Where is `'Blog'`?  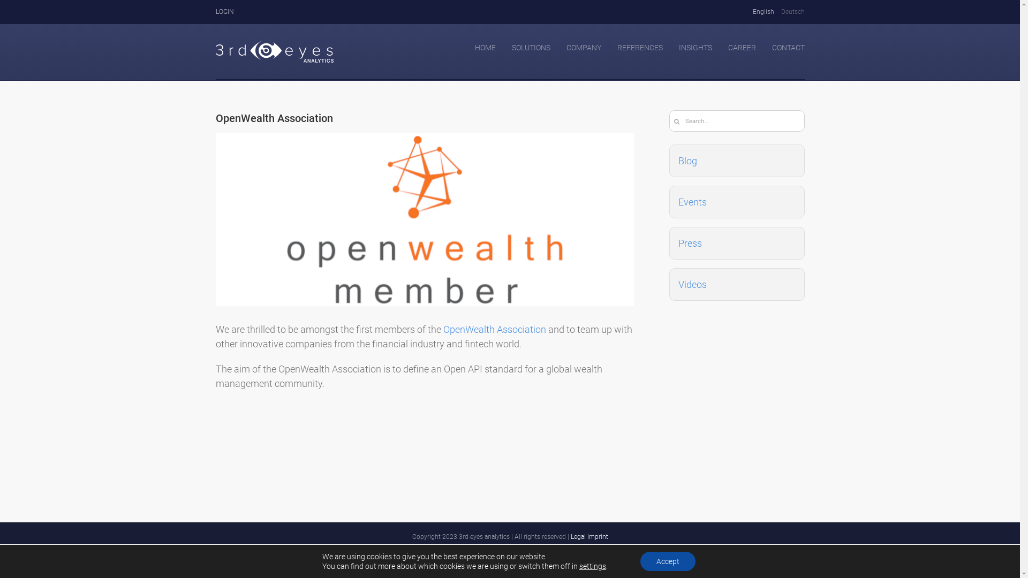
'Blog' is located at coordinates (687, 161).